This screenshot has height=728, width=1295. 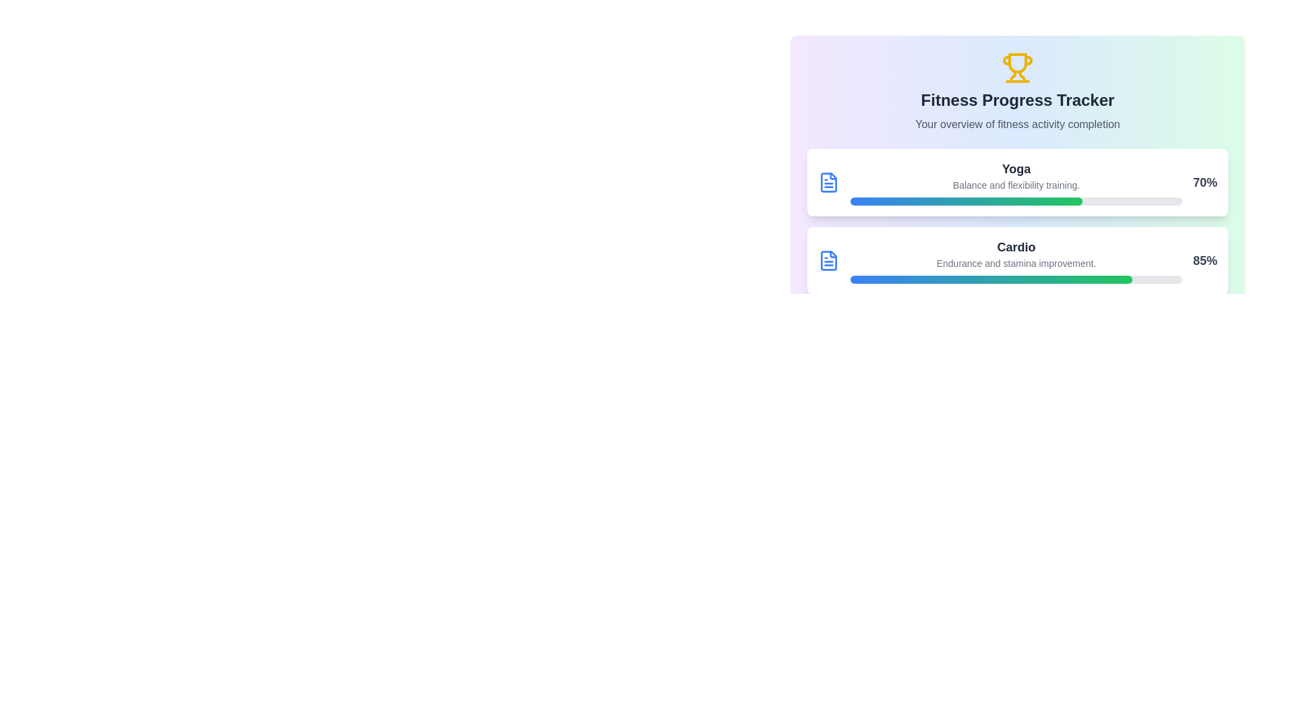 What do you see at coordinates (1017, 67) in the screenshot?
I see `the decorative icon symbolizing achievement in the 'Fitness Progress Tracker' section, which is centrally aligned at the top and is the first element above the textual heading` at bounding box center [1017, 67].